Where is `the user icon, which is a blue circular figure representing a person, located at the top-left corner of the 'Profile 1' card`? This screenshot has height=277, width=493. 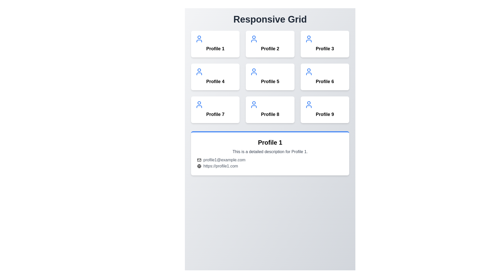
the user icon, which is a blue circular figure representing a person, located at the top-left corner of the 'Profile 1' card is located at coordinates (199, 38).